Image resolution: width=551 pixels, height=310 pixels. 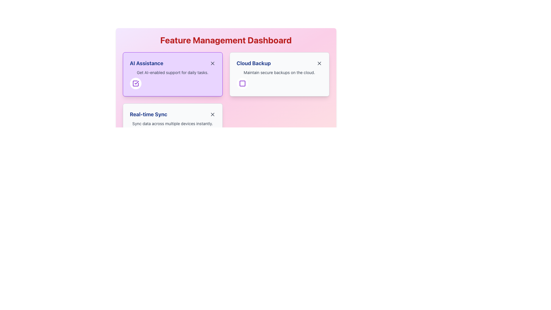 I want to click on text label that states 'Get AI-enabled support for daily tasks.' located under the title 'AI Assistance' within a rounded card on the center-left of the interface, so click(x=172, y=72).